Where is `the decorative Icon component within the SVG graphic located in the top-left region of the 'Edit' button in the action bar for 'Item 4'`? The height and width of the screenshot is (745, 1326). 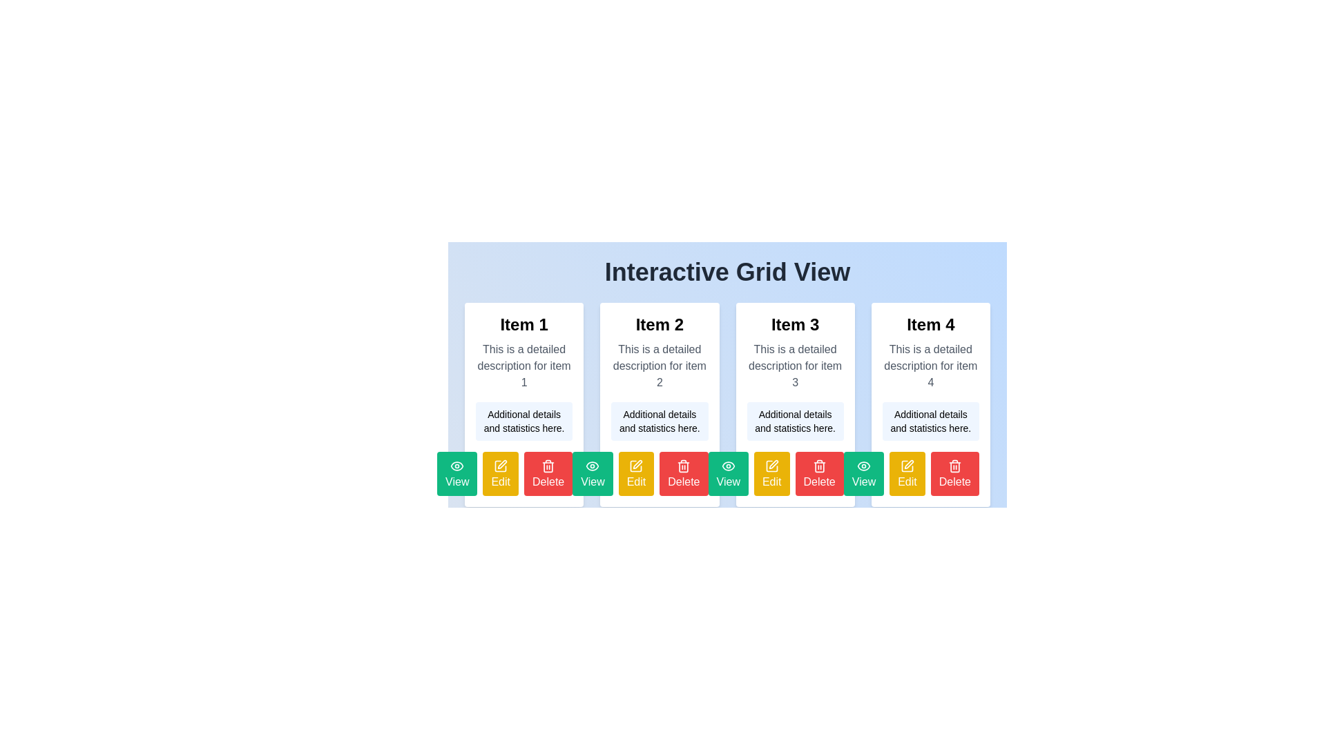 the decorative Icon component within the SVG graphic located in the top-left region of the 'Edit' button in the action bar for 'Item 4' is located at coordinates (635, 466).